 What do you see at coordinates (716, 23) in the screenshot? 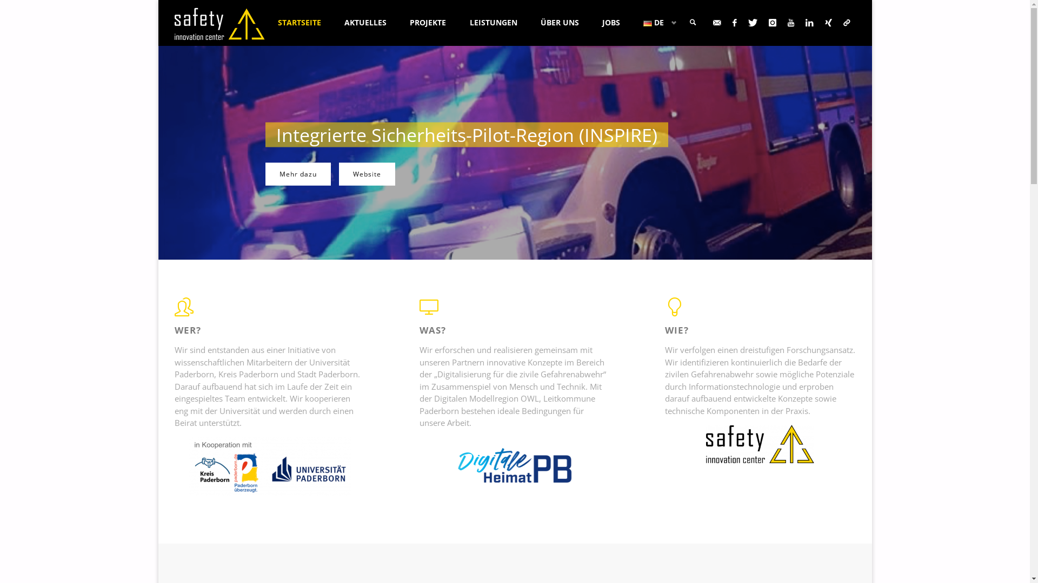
I see `'Email'` at bounding box center [716, 23].